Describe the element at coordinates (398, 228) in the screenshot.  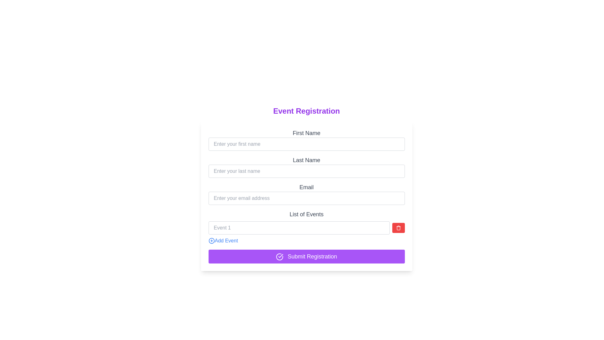
I see `the trash bin icon within the red button` at that location.